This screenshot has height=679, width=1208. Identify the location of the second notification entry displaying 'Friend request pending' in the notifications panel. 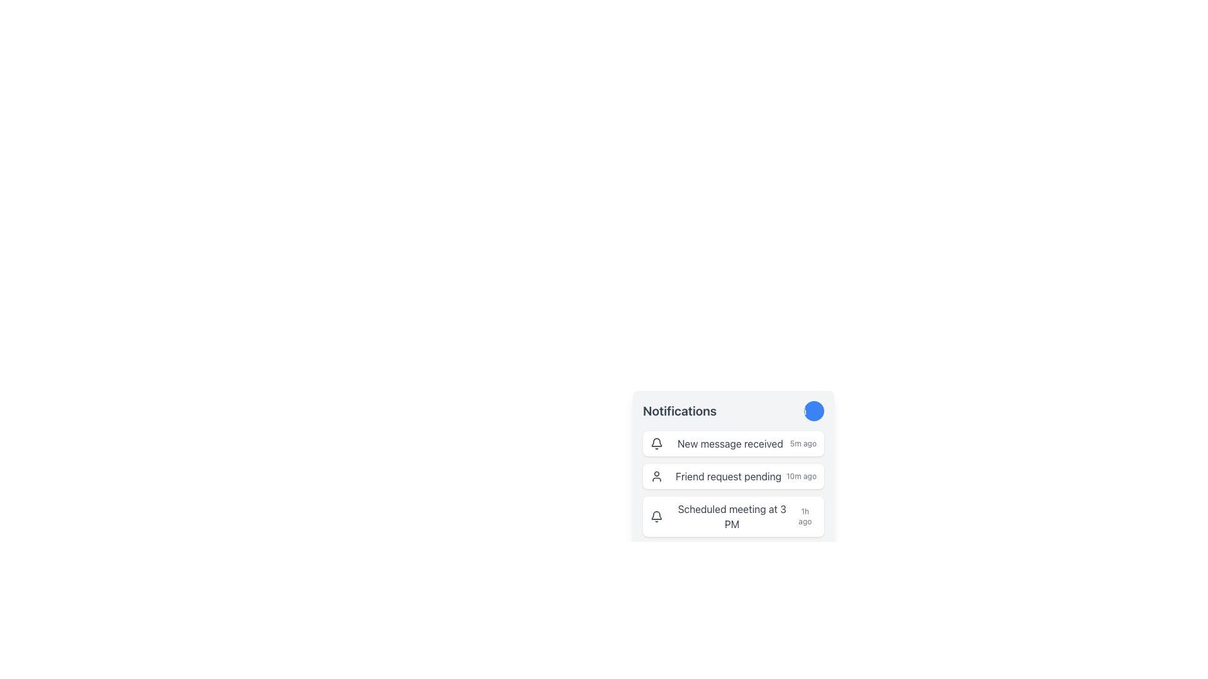
(734, 483).